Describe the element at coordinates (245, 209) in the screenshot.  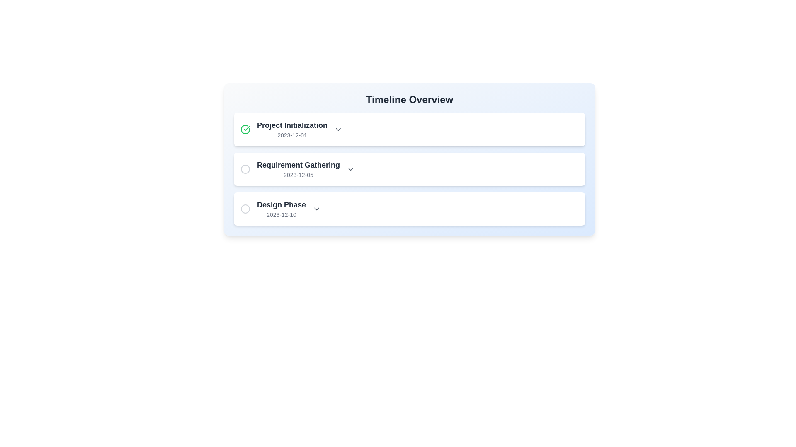
I see `the circular icon with a gray border, which is positioned to the left of the 'Design Phase' text and above the date '2023-12-10'` at that location.